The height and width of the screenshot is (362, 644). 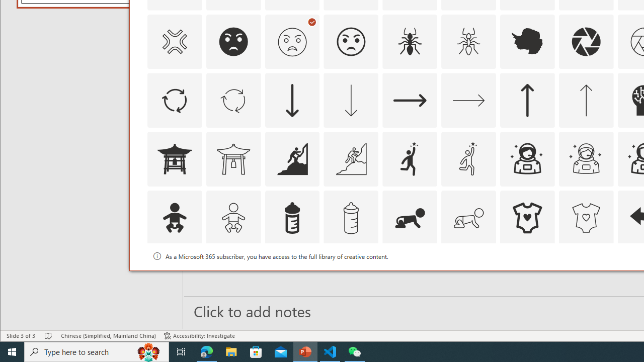 I want to click on 'AutomationID: Icons_BabyOnesie_M', so click(x=586, y=218).